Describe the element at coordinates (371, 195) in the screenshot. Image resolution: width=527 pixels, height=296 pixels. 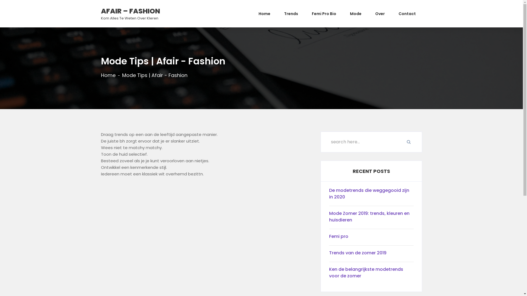
I see `'De modetrends die weggegooid zijn in 2020'` at that location.